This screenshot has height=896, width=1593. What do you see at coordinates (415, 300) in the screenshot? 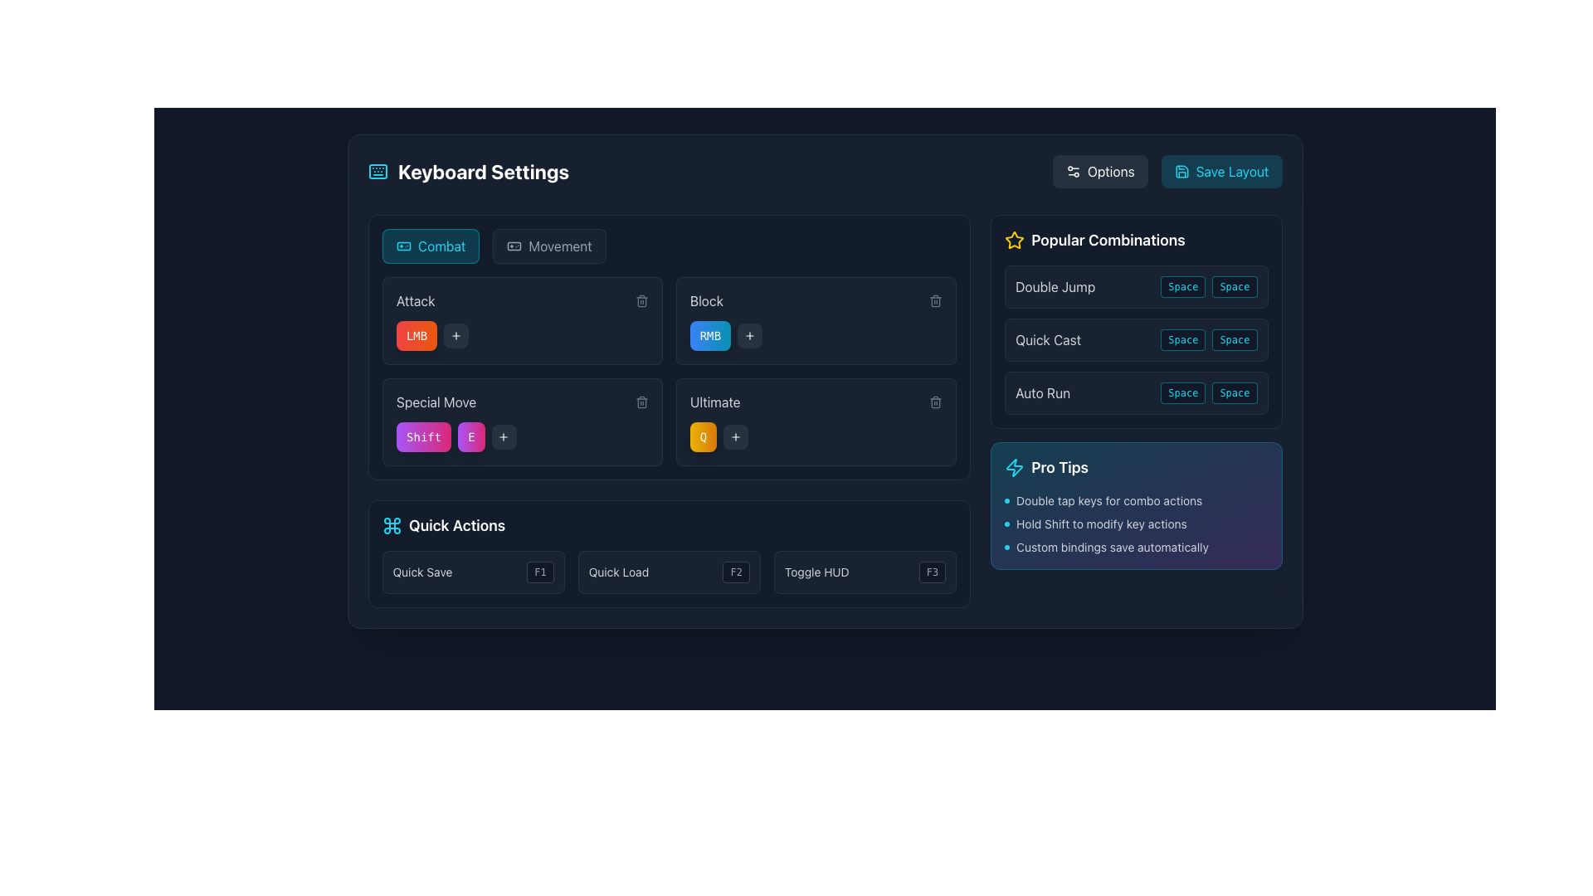
I see `the 'Attack' static text label, which is prominently displayed in gray within the 'Combat' section of the 'Keyboard Settings' interface` at bounding box center [415, 300].